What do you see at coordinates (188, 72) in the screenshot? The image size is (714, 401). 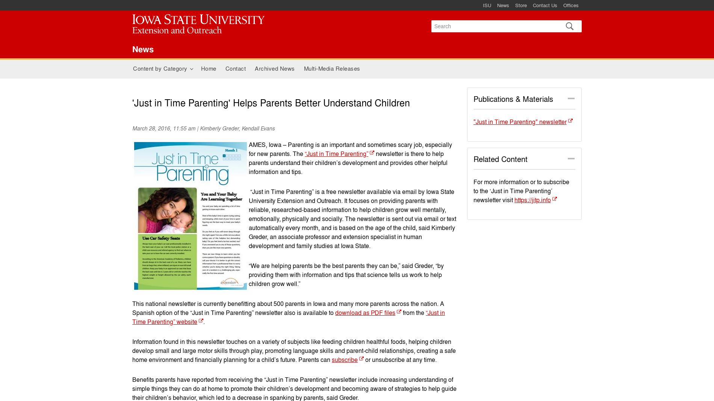 I see `'+'` at bounding box center [188, 72].